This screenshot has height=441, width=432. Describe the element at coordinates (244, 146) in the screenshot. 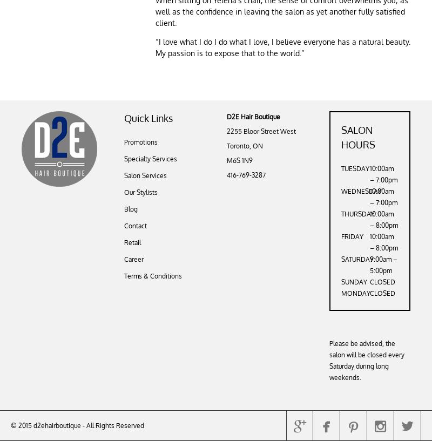

I see `'Toronto, ON'` at that location.